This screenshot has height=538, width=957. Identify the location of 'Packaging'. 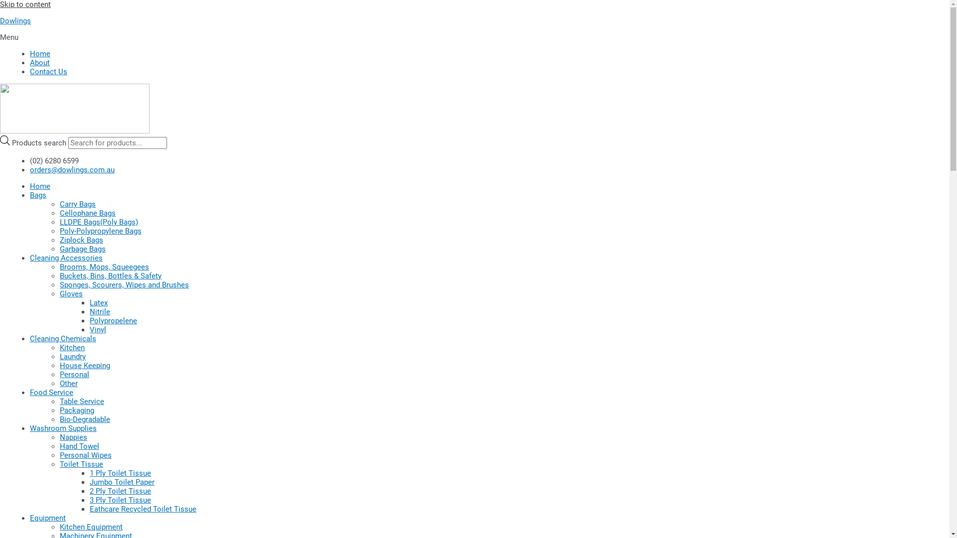
(76, 410).